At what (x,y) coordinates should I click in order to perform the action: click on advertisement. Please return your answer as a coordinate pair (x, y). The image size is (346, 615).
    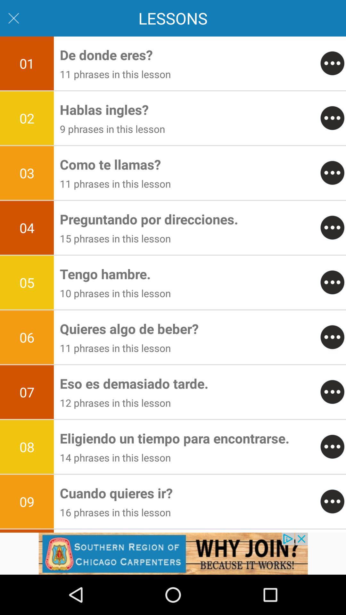
    Looking at the image, I should click on (173, 553).